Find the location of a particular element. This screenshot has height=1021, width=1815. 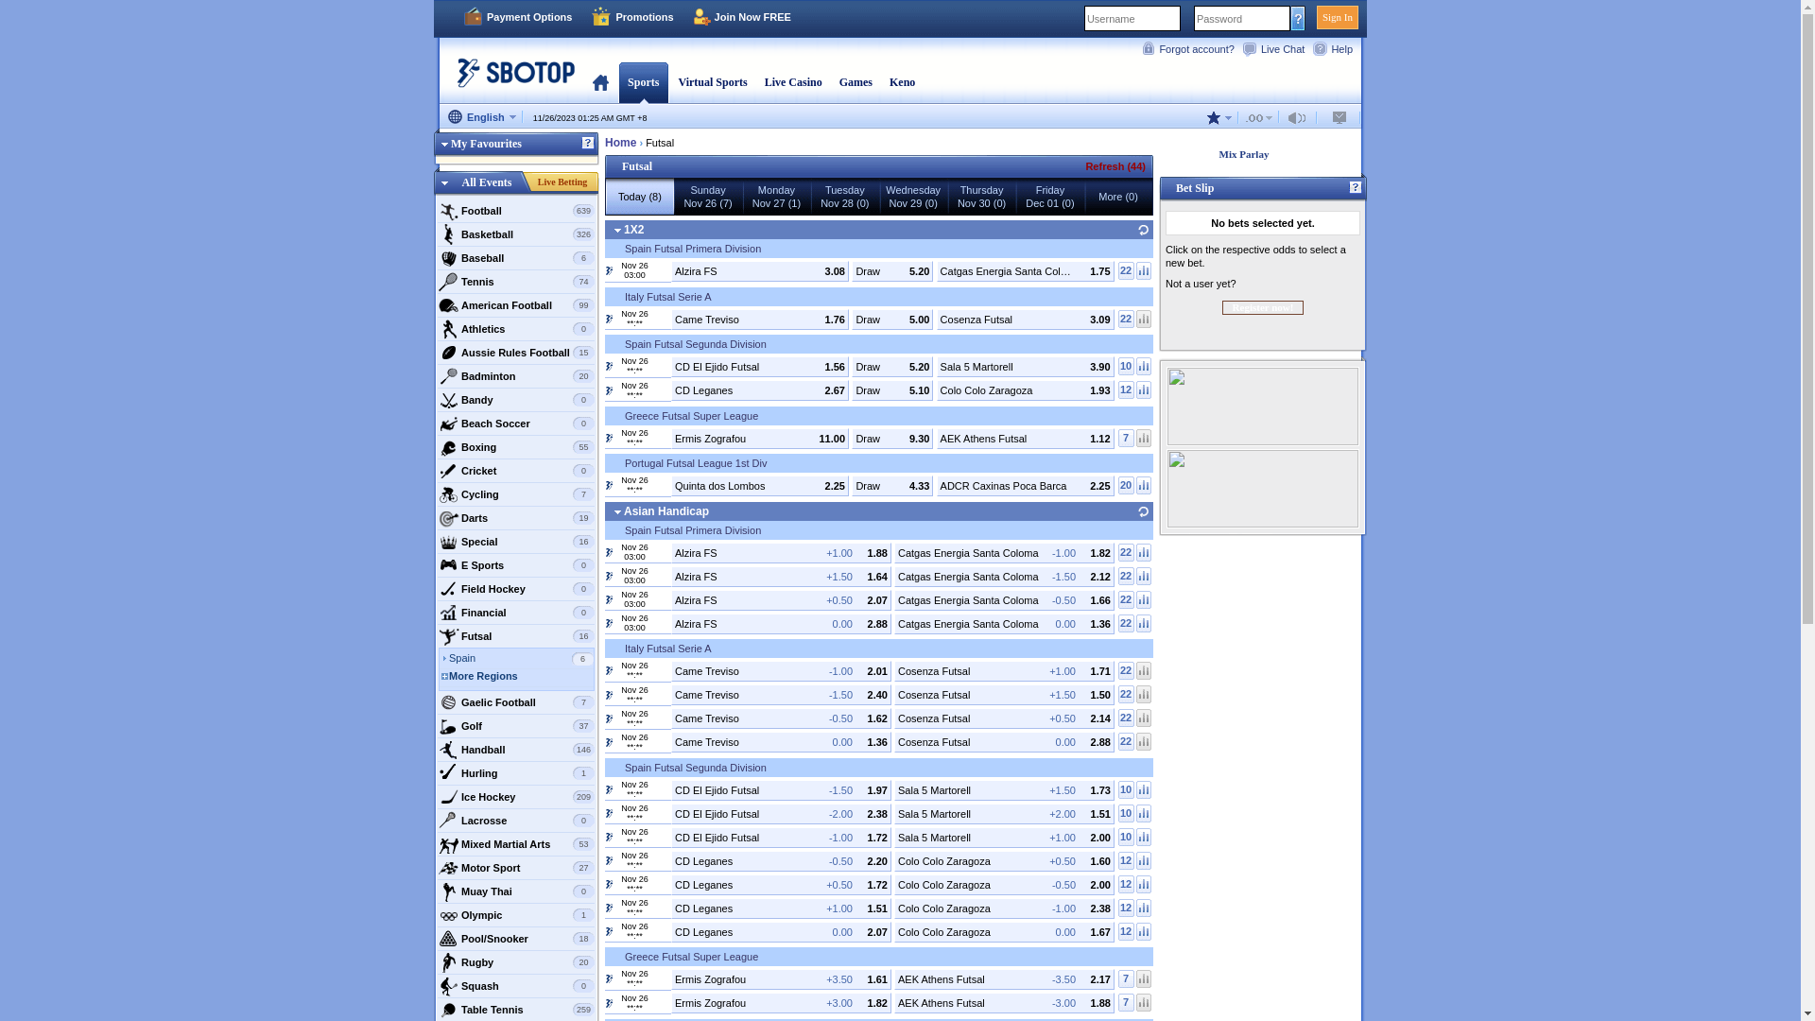

'Live Casino' is located at coordinates (793, 81).